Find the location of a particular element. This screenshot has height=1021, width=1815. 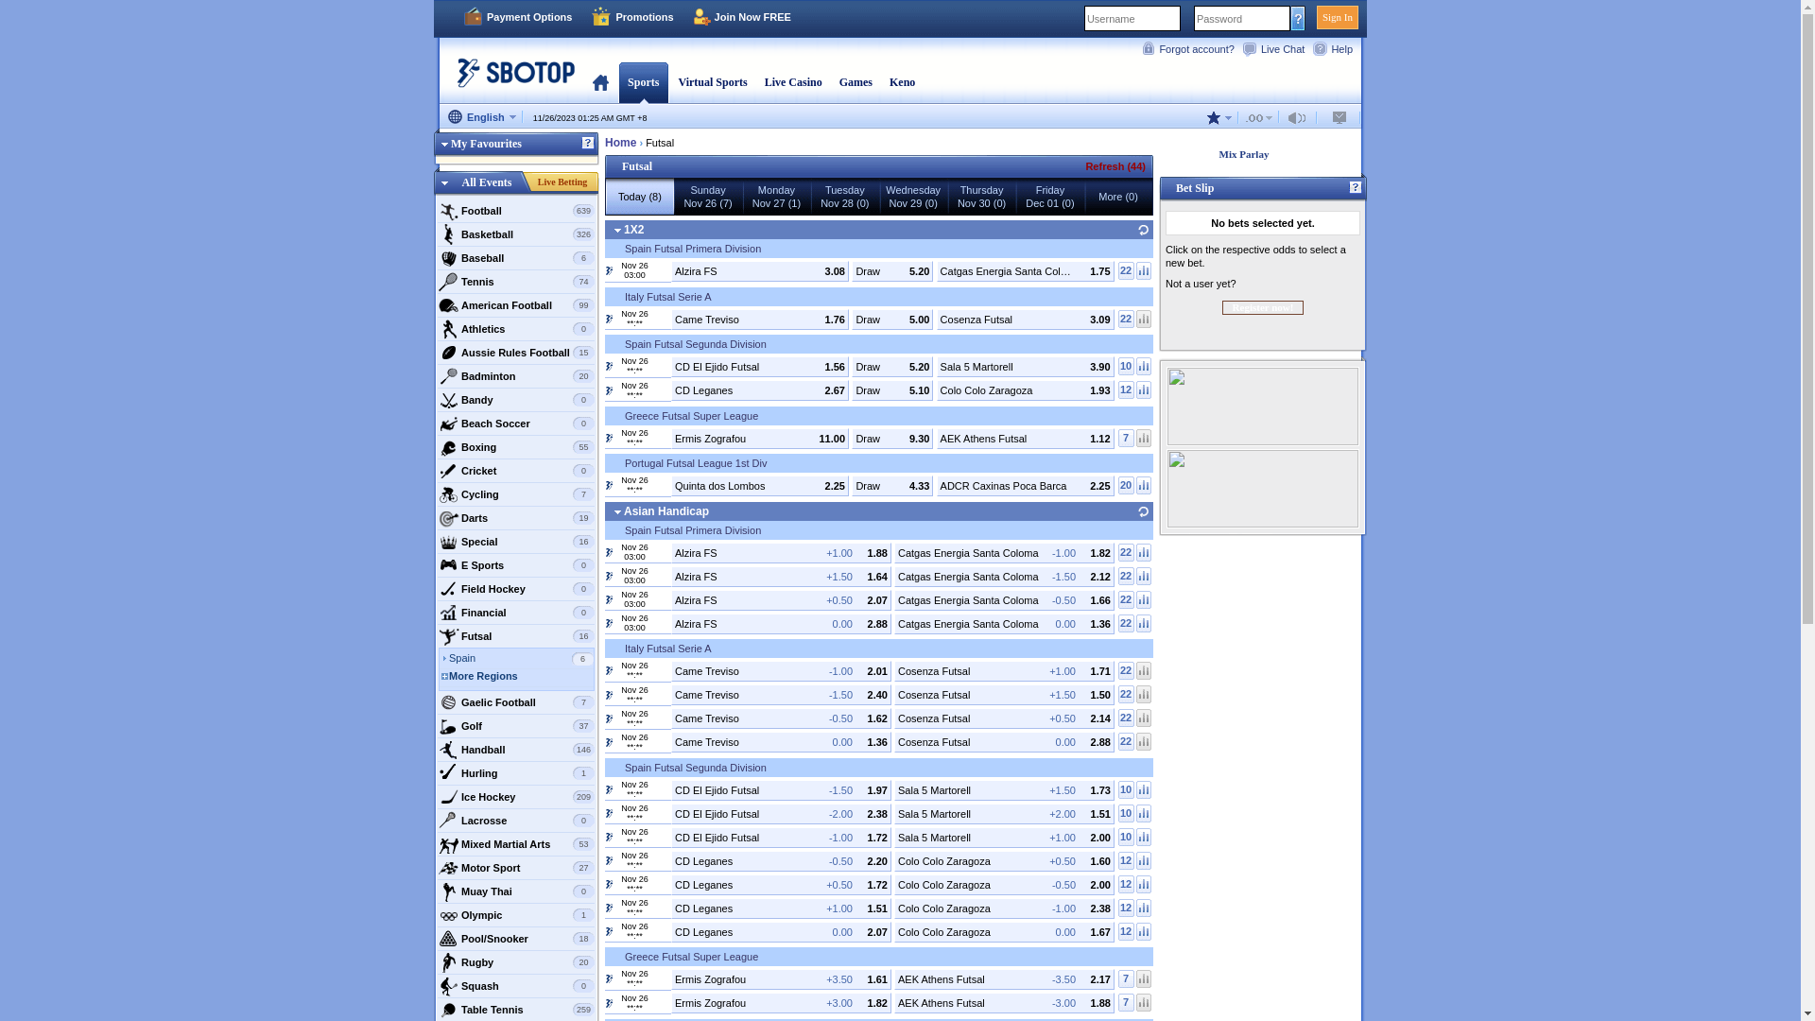

'Live Casino' is located at coordinates (793, 81).